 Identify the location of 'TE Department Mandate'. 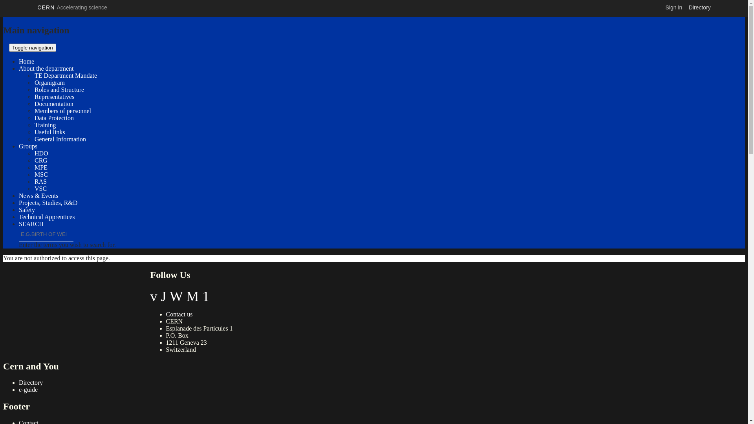
(66, 75).